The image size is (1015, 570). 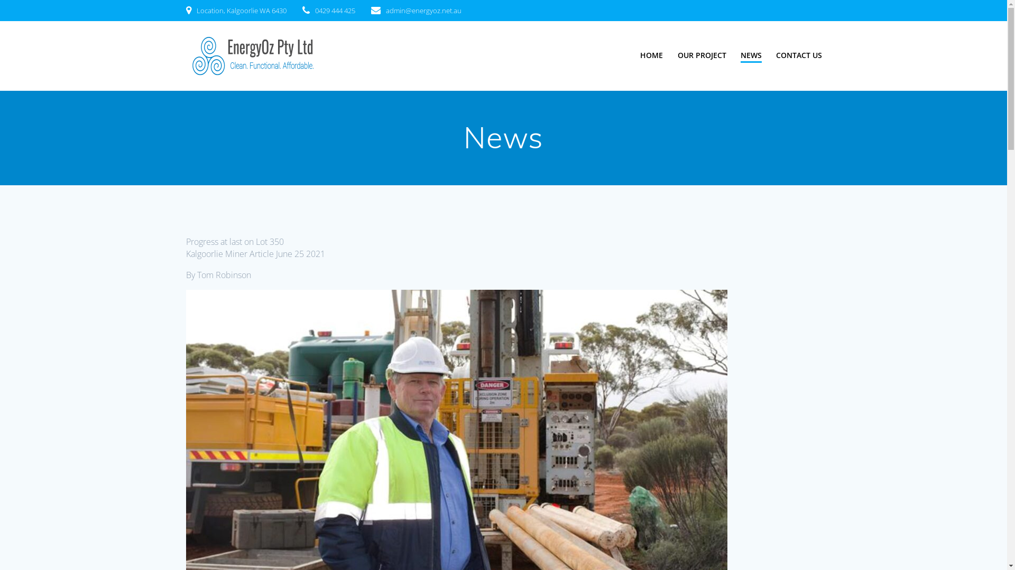 What do you see at coordinates (651, 55) in the screenshot?
I see `'HOME'` at bounding box center [651, 55].